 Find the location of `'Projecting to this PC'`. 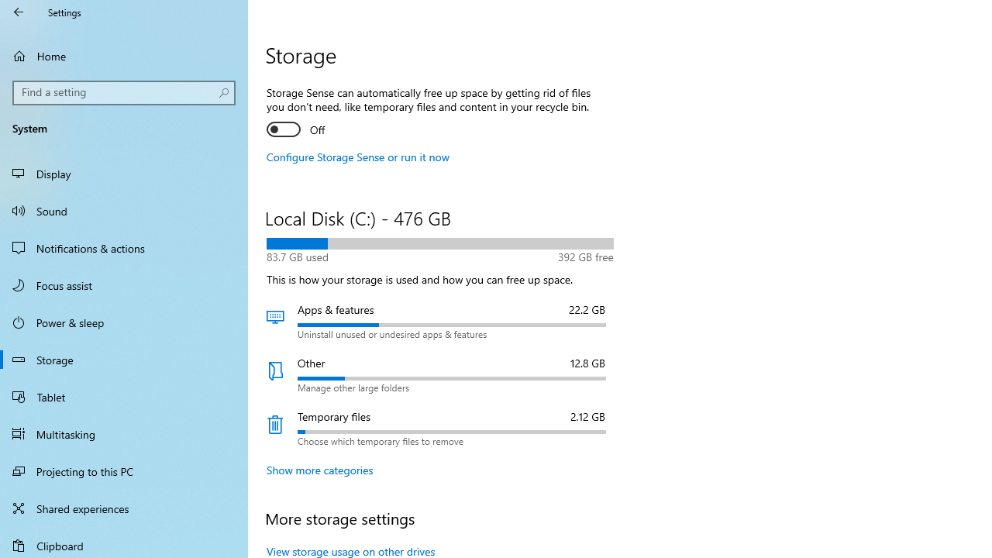

'Projecting to this PC' is located at coordinates (124, 470).